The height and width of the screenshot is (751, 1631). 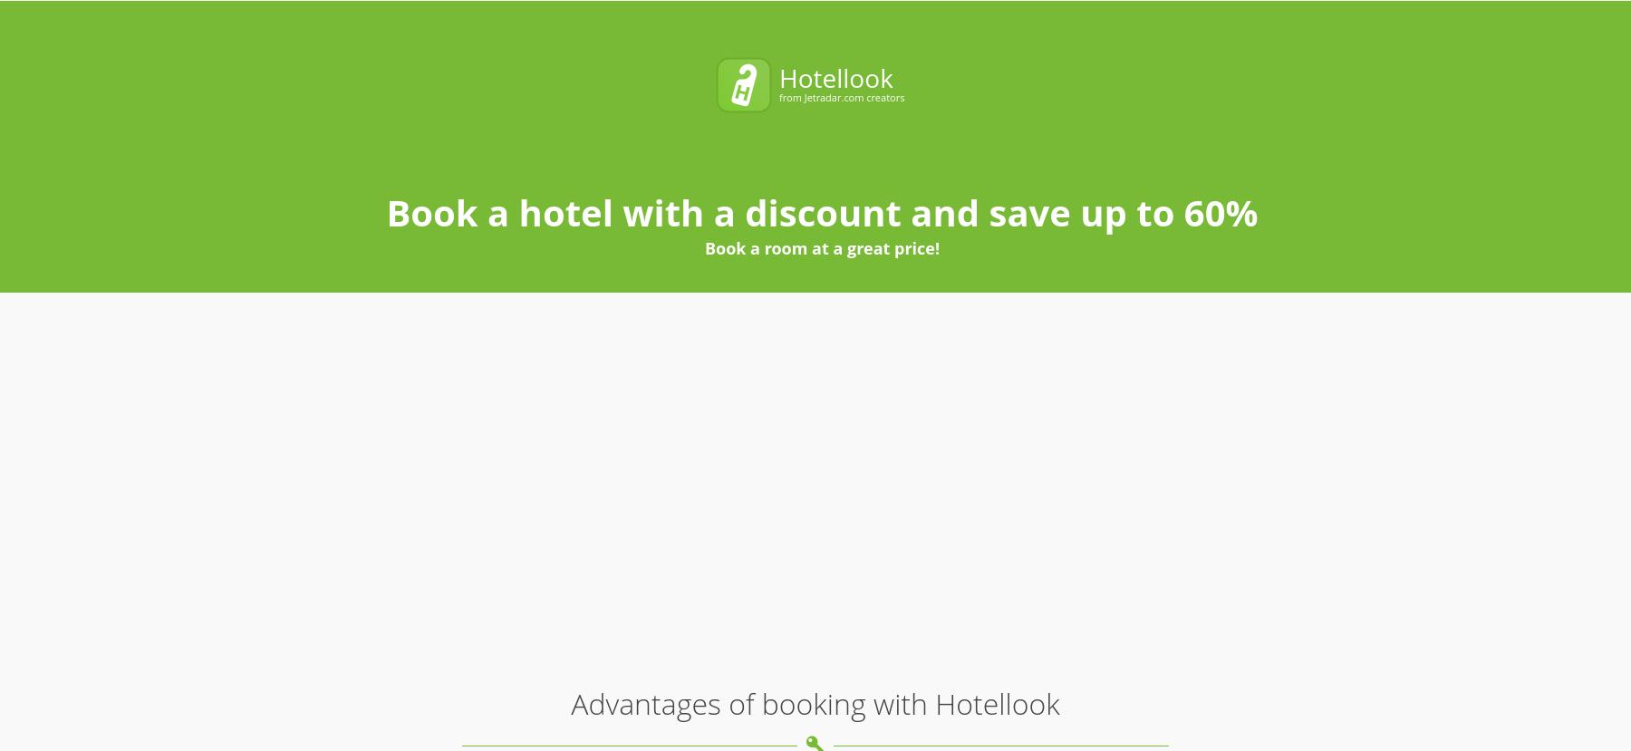 What do you see at coordinates (577, 388) in the screenshot?
I see `'We search both the largest booking websites and small local systems. Oftentimes, small family hotels are not listed on large booking websites.'` at bounding box center [577, 388].